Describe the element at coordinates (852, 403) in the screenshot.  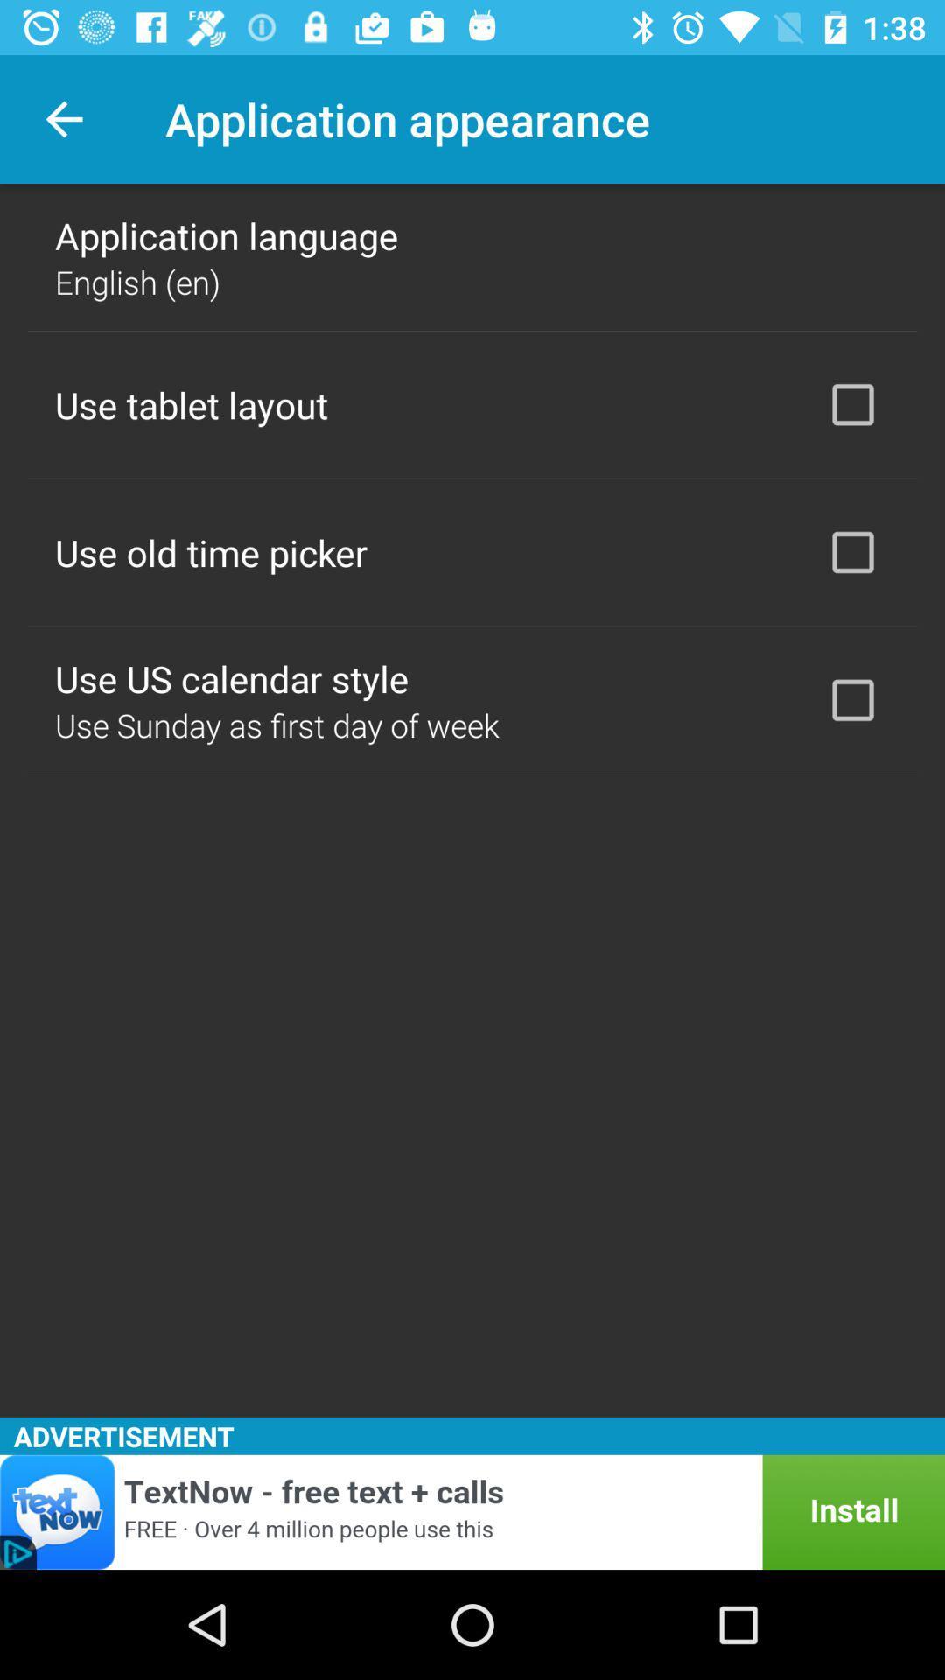
I see `check option` at that location.